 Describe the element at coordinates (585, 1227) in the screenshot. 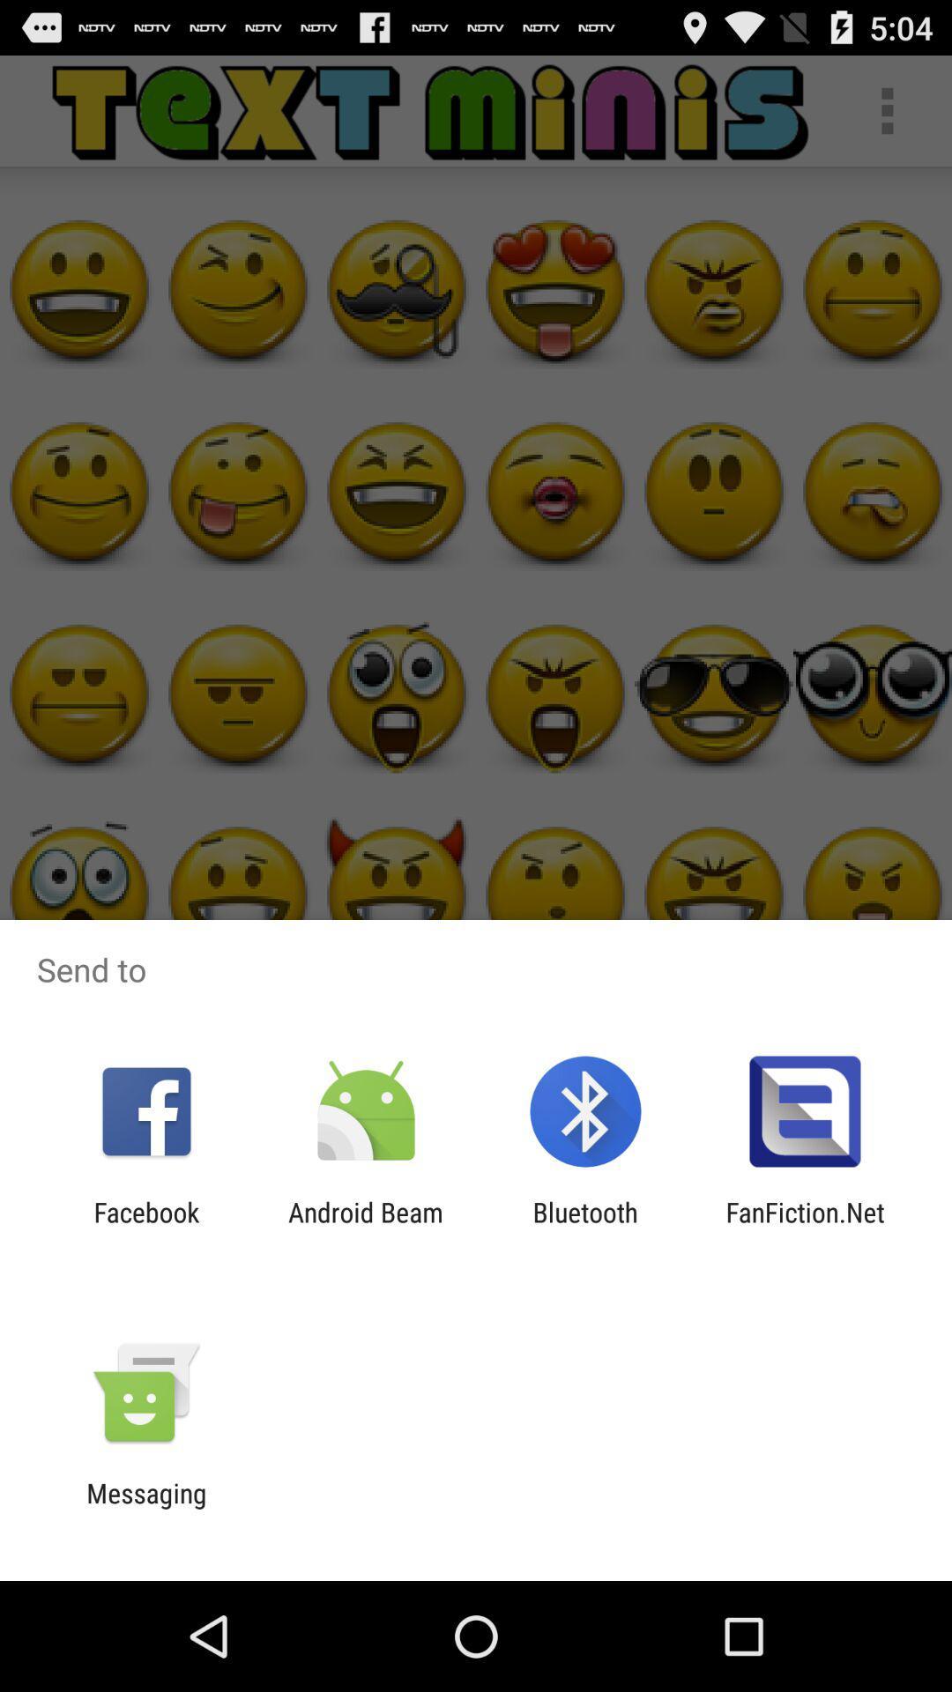

I see `the icon to the left of fanfiction.net item` at that location.